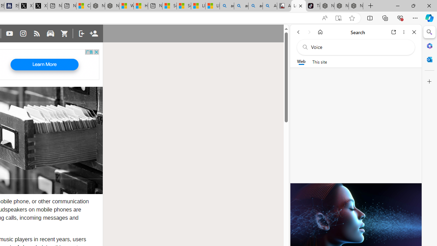 The image size is (437, 246). I want to click on 'amazon - Search', so click(241, 6).